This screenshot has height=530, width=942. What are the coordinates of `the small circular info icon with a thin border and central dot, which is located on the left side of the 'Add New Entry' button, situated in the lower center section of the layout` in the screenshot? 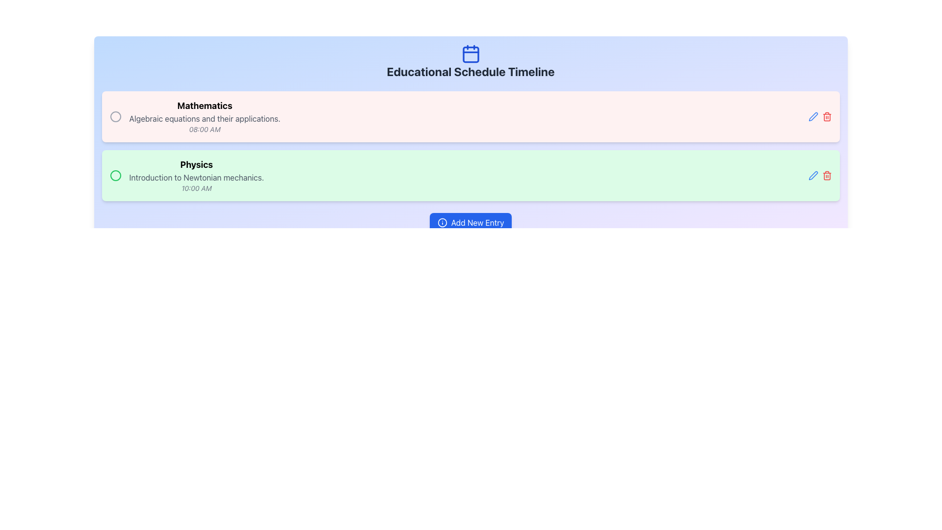 It's located at (442, 223).